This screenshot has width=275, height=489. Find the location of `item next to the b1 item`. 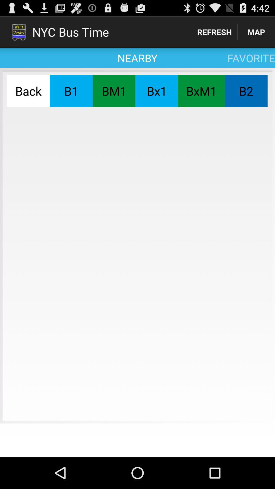

item next to the b1 item is located at coordinates (114, 91).